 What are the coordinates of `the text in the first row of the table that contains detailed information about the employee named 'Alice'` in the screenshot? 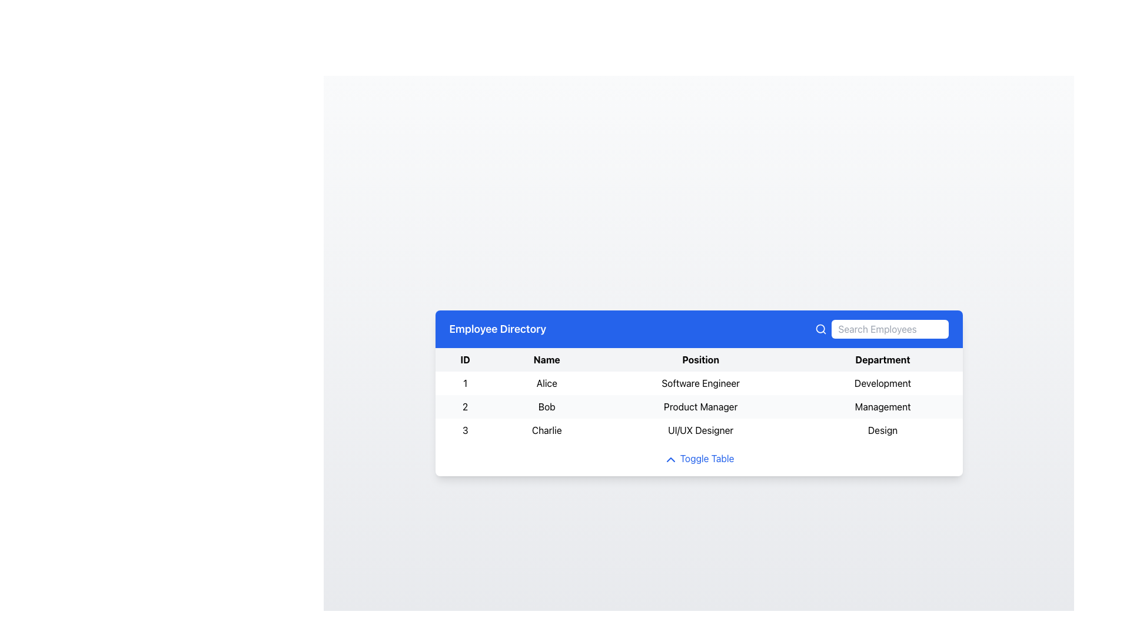 It's located at (699, 383).